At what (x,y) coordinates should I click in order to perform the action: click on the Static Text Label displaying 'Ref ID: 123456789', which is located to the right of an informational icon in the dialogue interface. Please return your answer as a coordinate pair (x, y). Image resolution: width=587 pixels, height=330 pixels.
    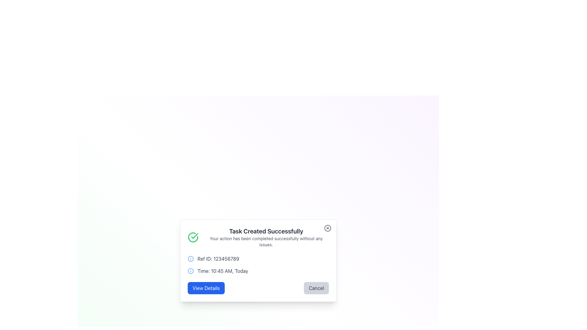
    Looking at the image, I should click on (218, 259).